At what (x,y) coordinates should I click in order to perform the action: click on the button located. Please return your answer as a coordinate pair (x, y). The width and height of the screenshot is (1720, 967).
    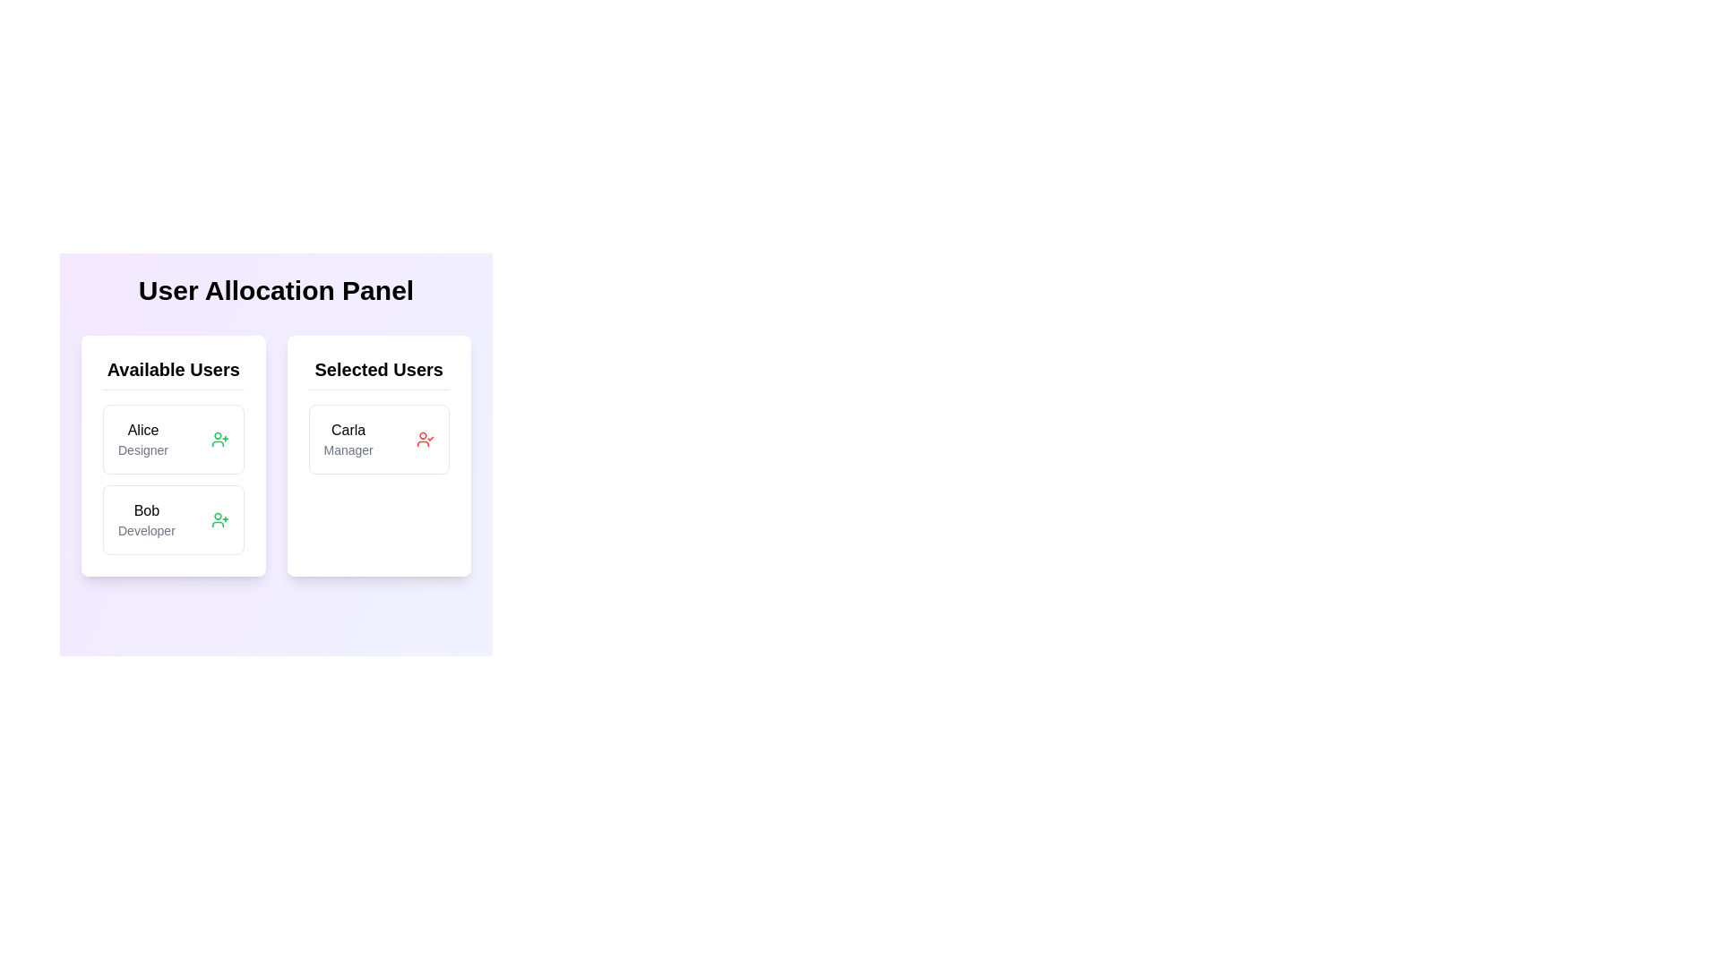
    Looking at the image, I should click on (425, 439).